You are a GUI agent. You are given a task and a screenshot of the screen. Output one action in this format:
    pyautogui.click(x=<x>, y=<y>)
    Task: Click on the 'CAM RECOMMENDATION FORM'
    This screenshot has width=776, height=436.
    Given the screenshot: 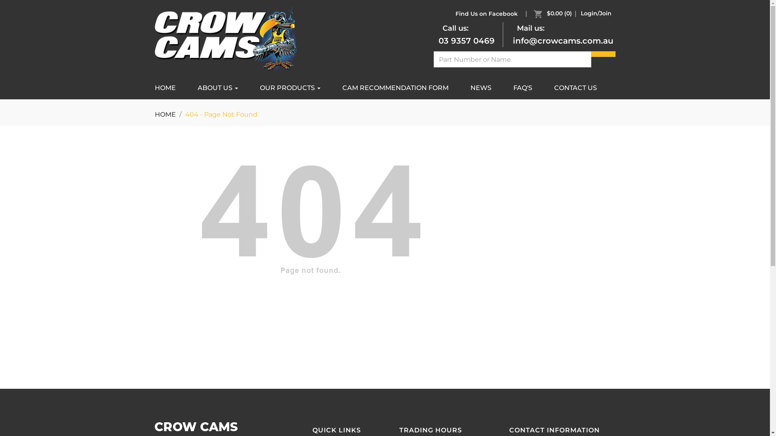 What is the action you would take?
    pyautogui.click(x=395, y=88)
    